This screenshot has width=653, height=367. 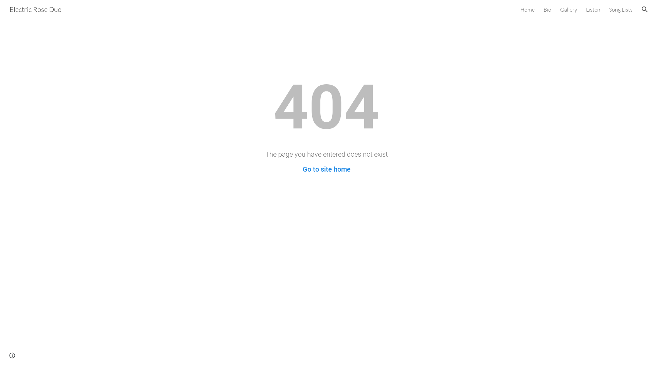 I want to click on 'Gallery', so click(x=568, y=9).